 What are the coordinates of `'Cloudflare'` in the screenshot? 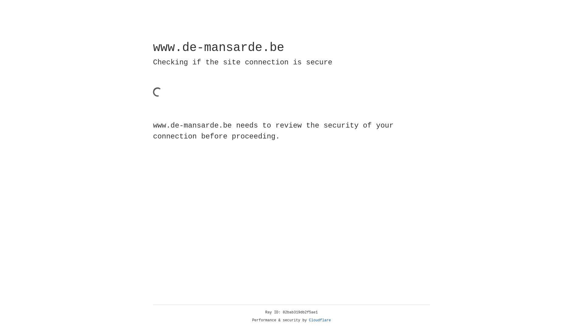 It's located at (320, 320).